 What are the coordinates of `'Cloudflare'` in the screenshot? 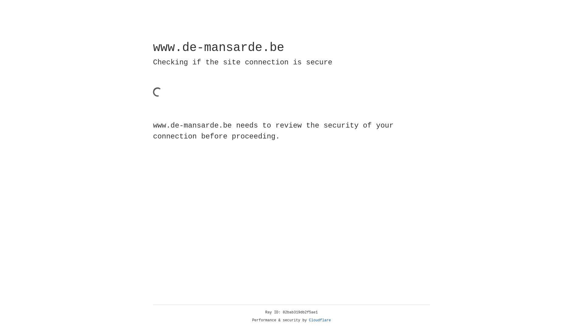 It's located at (320, 320).